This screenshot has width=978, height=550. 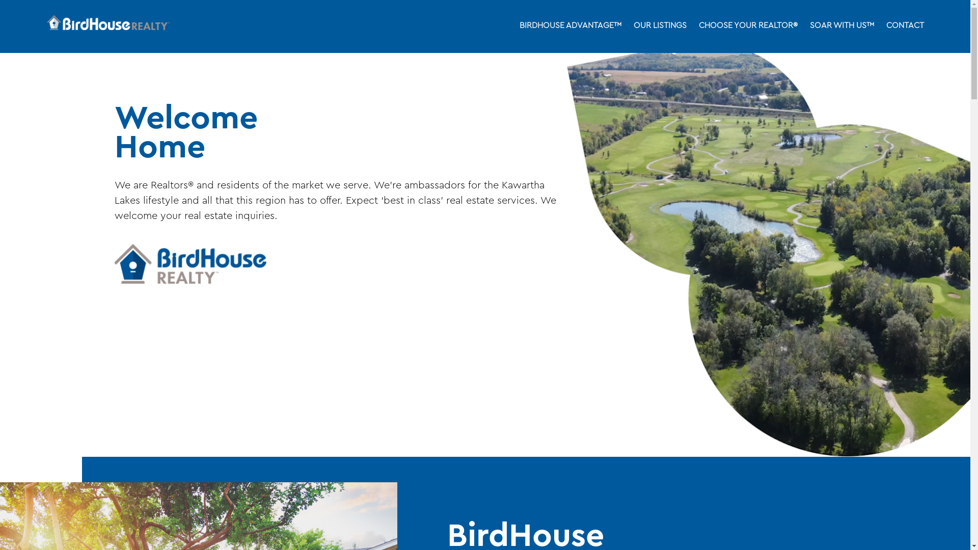 What do you see at coordinates (660, 25) in the screenshot?
I see `'OUR LISTINGS'` at bounding box center [660, 25].